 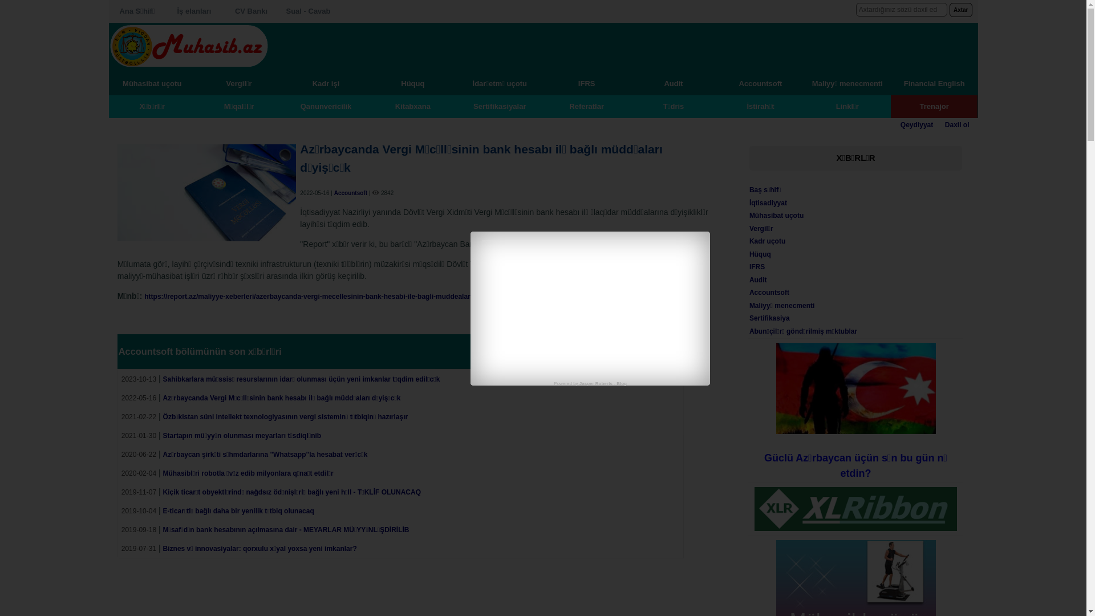 What do you see at coordinates (586, 83) in the screenshot?
I see `'IFRS'` at bounding box center [586, 83].